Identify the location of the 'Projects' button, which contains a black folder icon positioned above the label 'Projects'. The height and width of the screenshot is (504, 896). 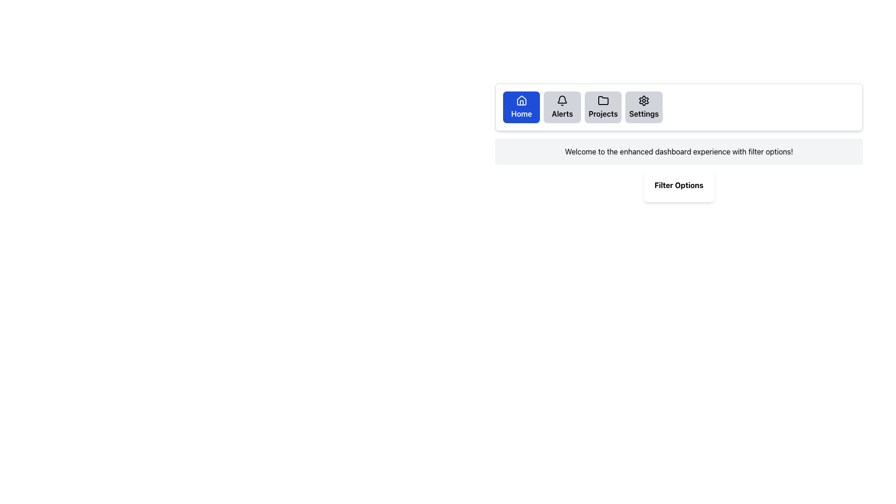
(603, 101).